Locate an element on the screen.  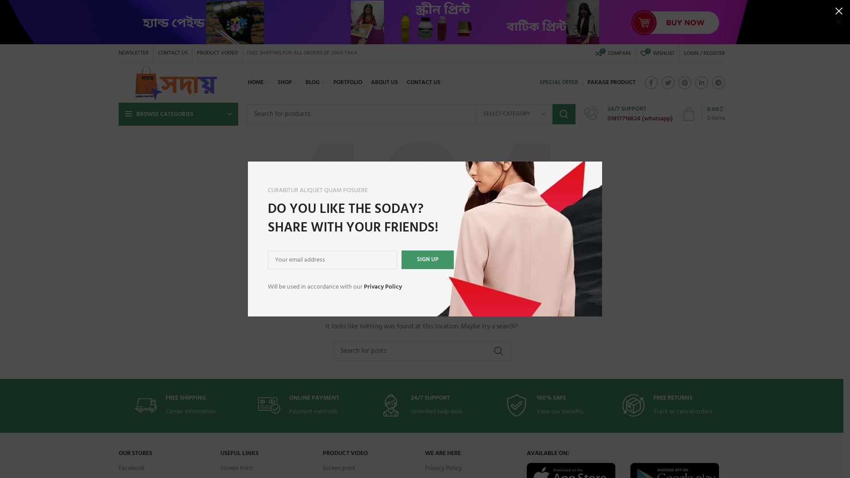
'SHOP' is located at coordinates (286, 82).